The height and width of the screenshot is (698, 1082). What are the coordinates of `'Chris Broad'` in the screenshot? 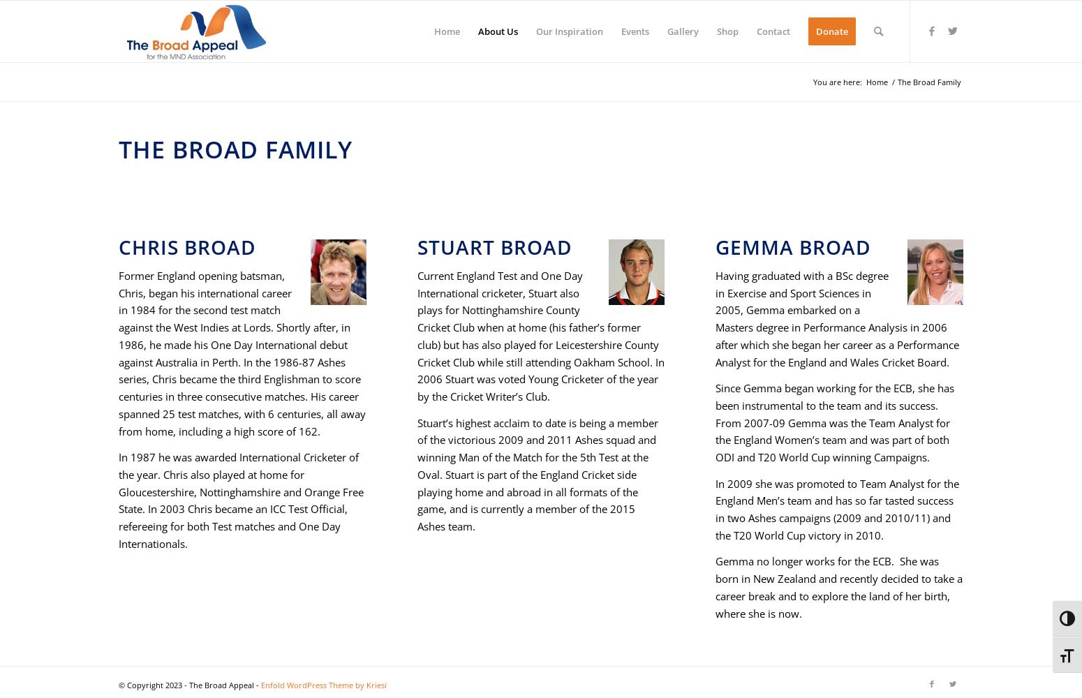 It's located at (118, 246).